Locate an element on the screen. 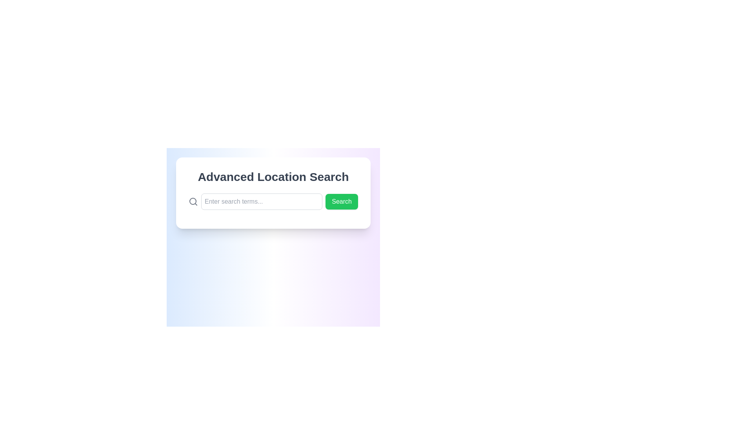 This screenshot has width=753, height=423. the magnifying glass icon, which is styled with thin strokes and a circular shape, positioned to the left of the text input box that has a placeholder stating 'Enter search terms...' and adjacent to a green 'Search' button is located at coordinates (193, 201).